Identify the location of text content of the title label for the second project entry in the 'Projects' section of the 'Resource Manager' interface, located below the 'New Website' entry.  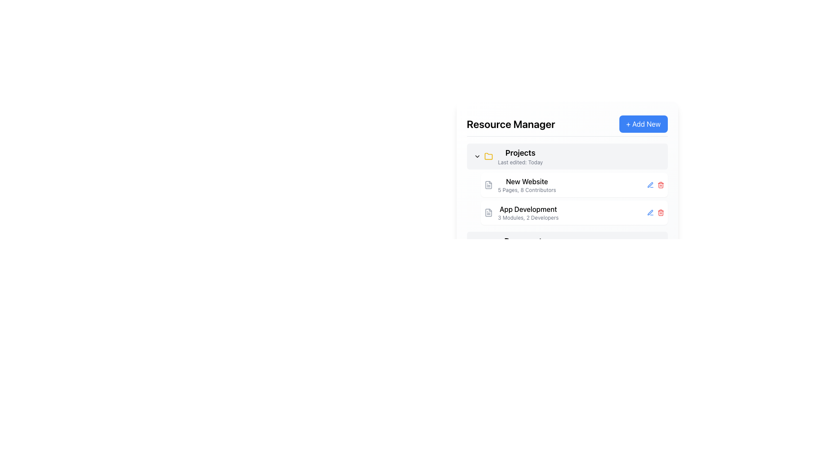
(528, 209).